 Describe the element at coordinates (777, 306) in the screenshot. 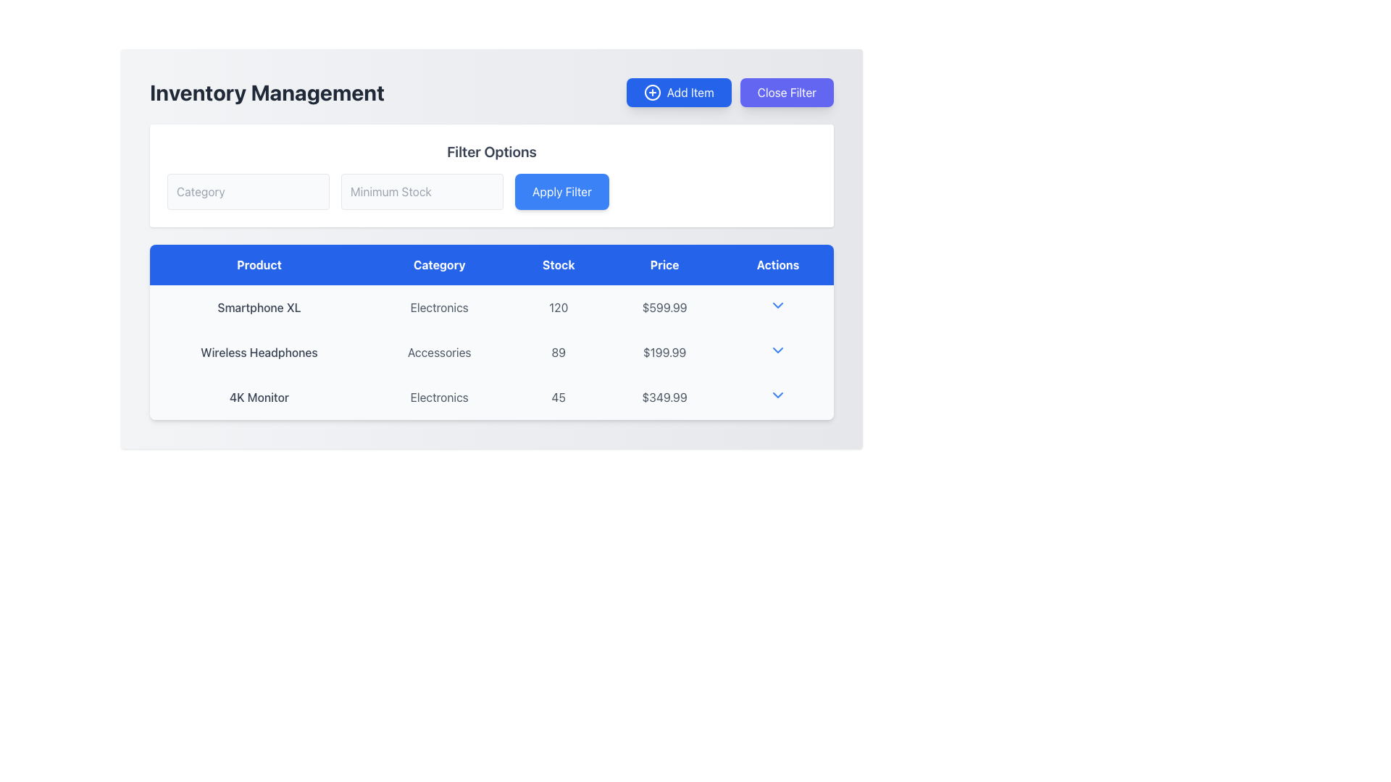

I see `the small blue downward pointing arrow icon button in the 'Actions' column of the 'Smartphone XL' row` at that location.